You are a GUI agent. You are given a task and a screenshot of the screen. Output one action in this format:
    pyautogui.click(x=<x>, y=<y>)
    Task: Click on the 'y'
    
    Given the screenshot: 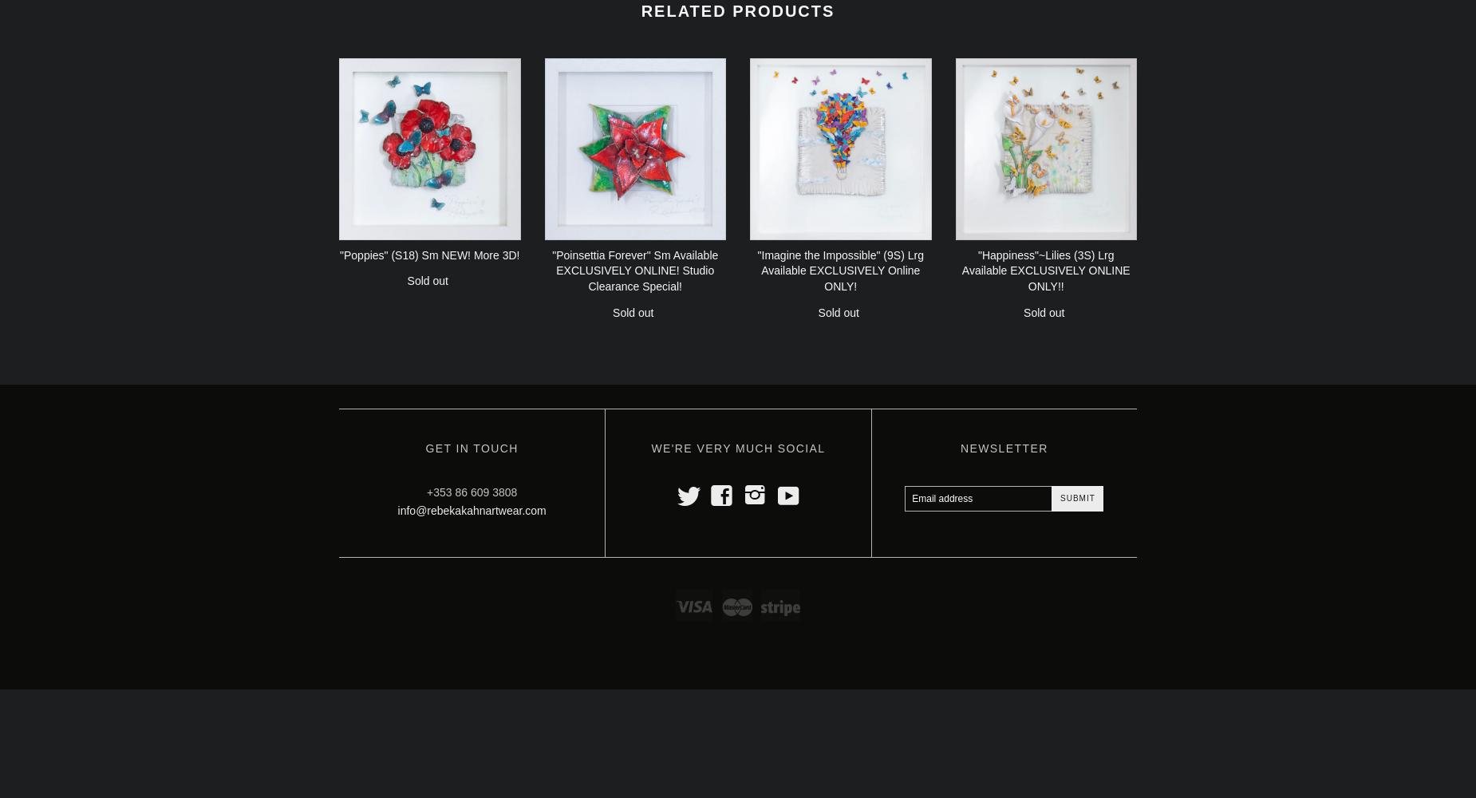 What is the action you would take?
    pyautogui.click(x=776, y=492)
    